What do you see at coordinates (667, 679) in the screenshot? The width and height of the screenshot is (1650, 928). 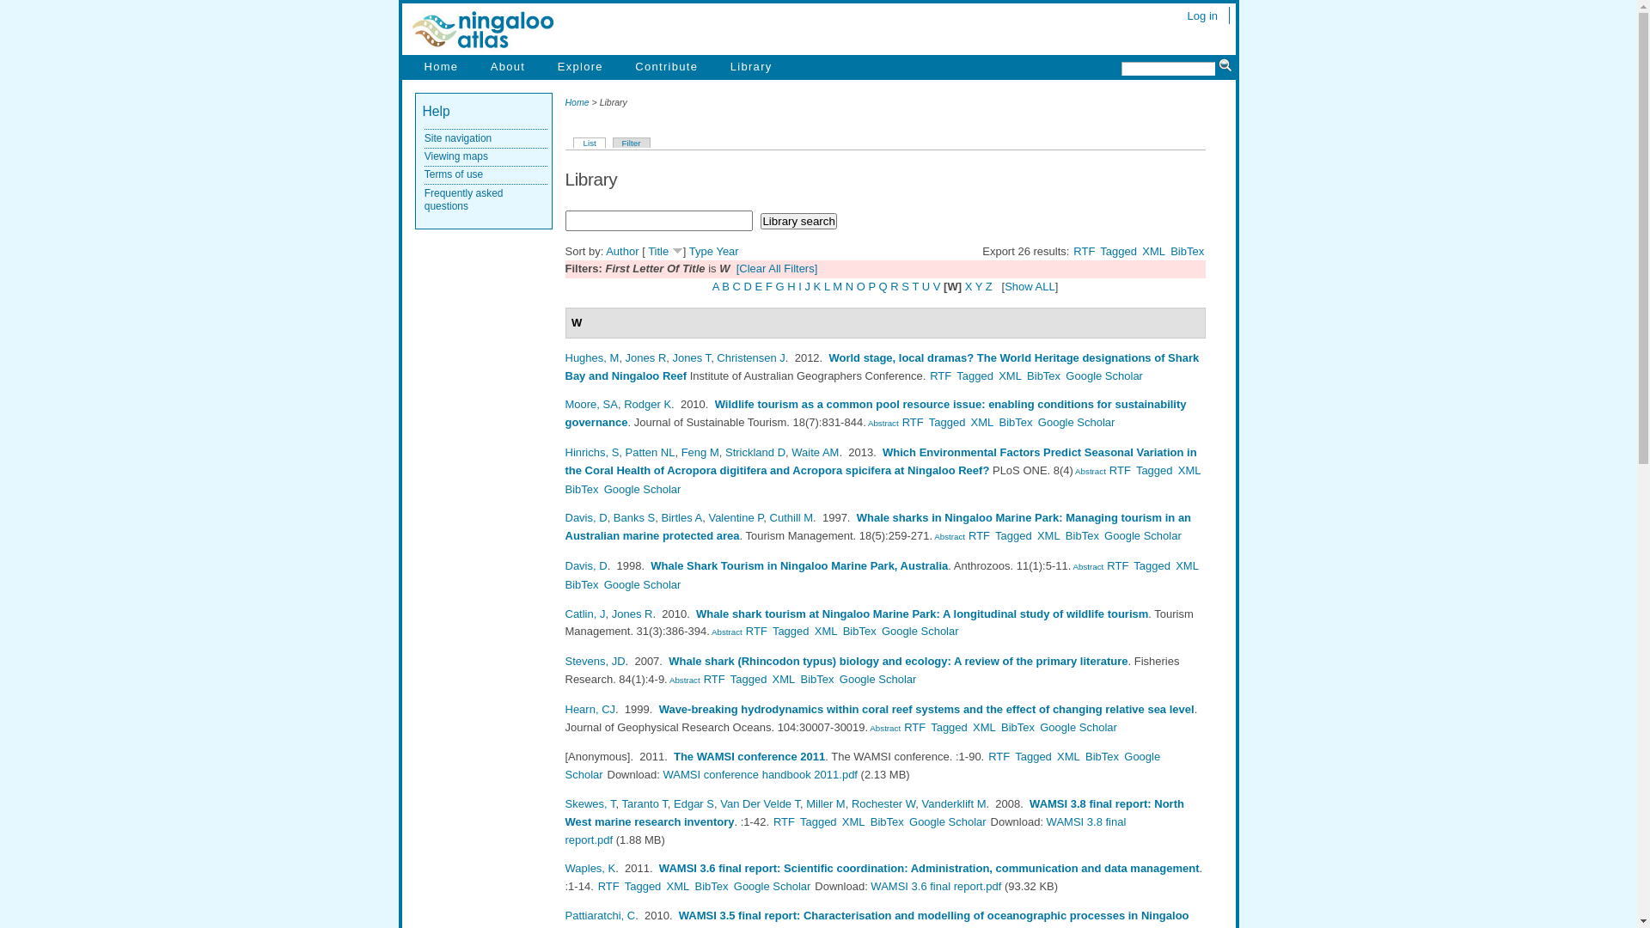 I see `'Abstract'` at bounding box center [667, 679].